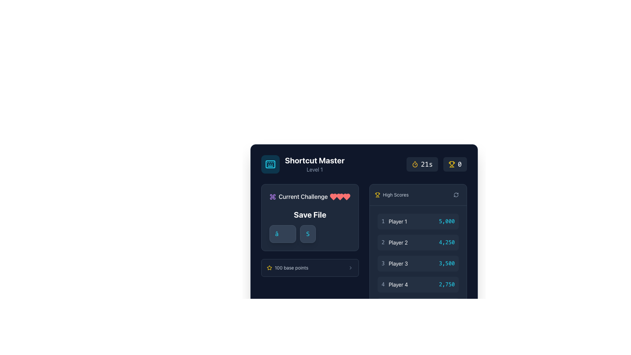 The height and width of the screenshot is (355, 631). I want to click on the static text element displaying the score for 'Player 4' in the leaderboard, located in the bottom-most row of the 'High Scores' panel, so click(447, 284).